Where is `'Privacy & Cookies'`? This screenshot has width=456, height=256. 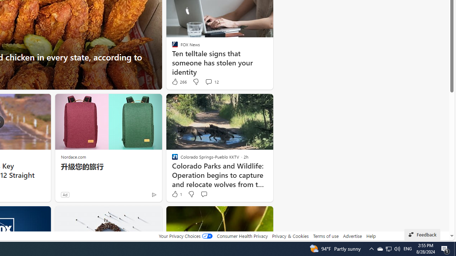
'Privacy & Cookies' is located at coordinates (290, 236).